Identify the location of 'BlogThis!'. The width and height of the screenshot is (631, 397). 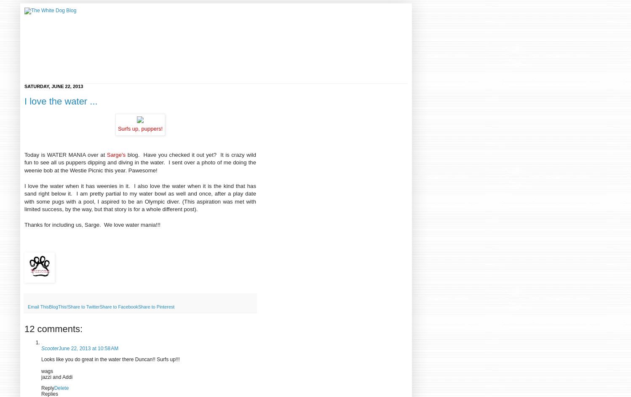
(48, 306).